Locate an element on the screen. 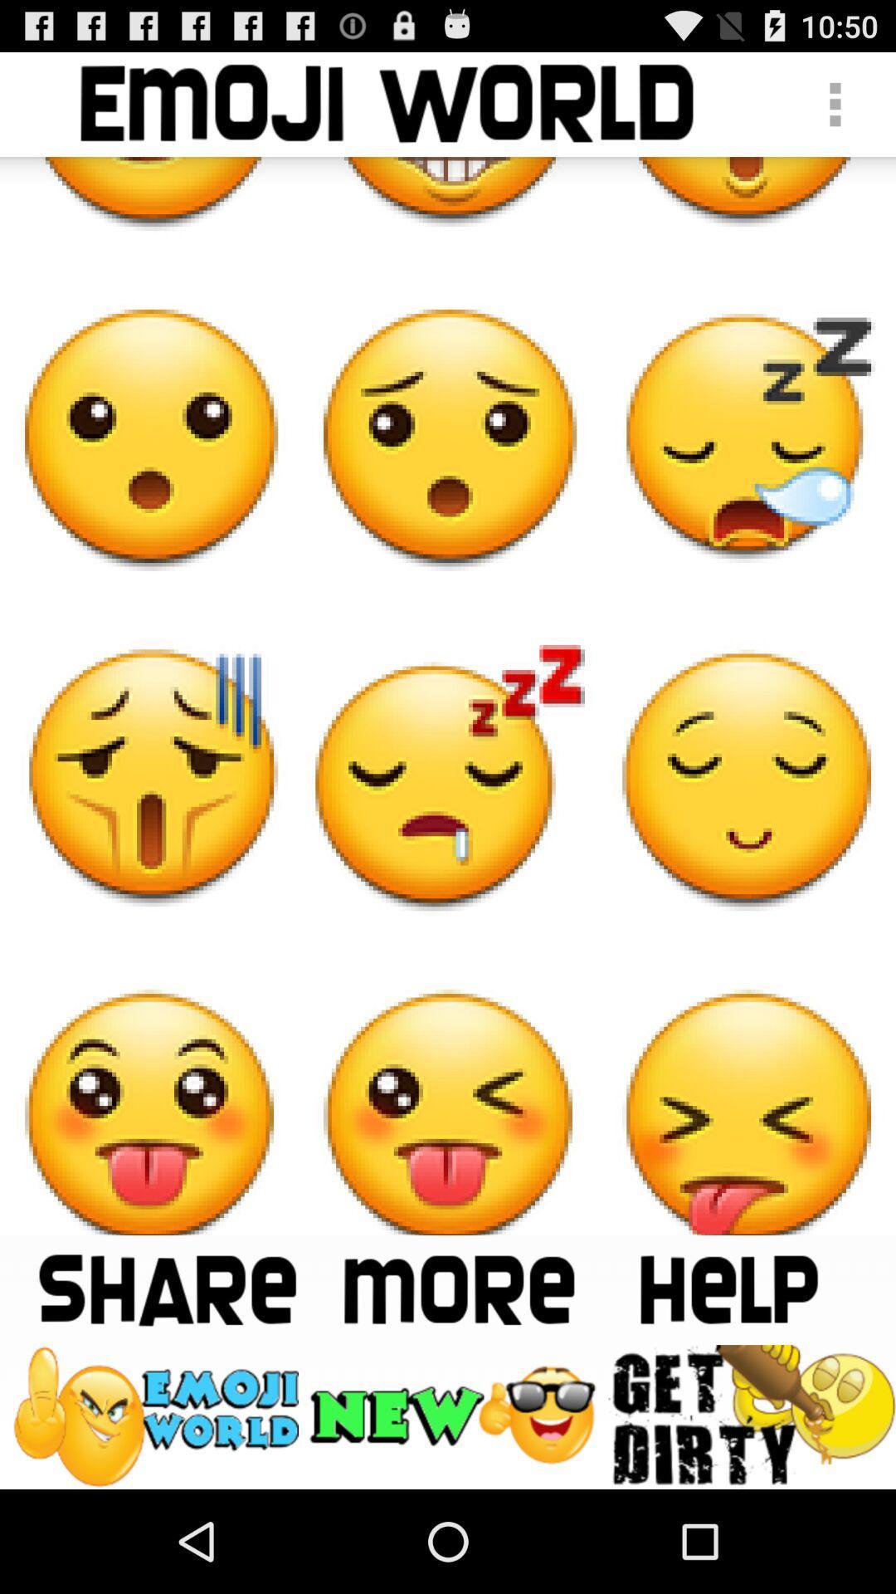 This screenshot has height=1594, width=896. the get dirty emoji is located at coordinates (752, 1416).